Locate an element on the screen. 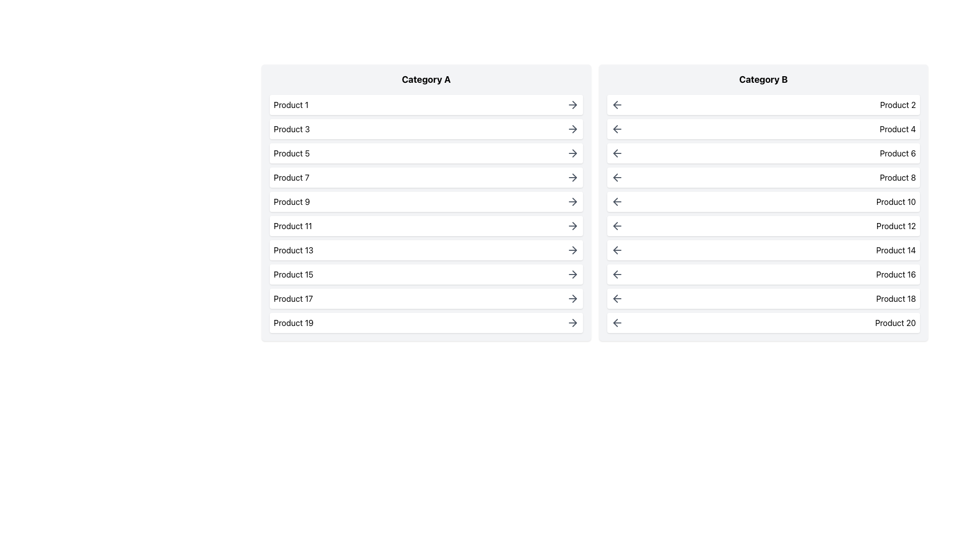 The image size is (970, 545). the text label displaying 'Product 10' in the second category column labeled 'Category B', which corresponds to the 5th product in the list is located at coordinates (896, 202).